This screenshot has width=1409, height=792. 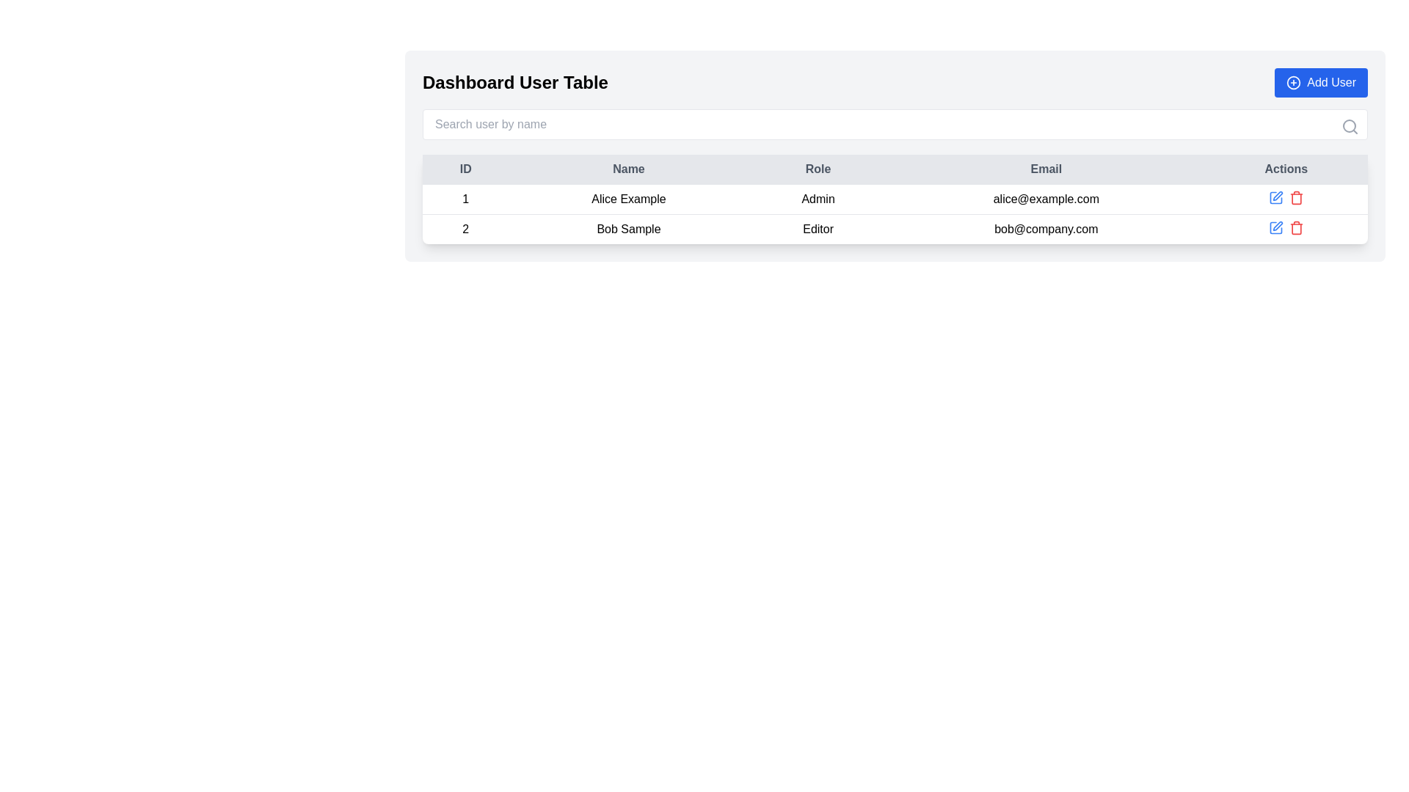 I want to click on the edit button located in the 'Actions' column of the table for the user entry of 'Alice Example', so click(x=1275, y=198).